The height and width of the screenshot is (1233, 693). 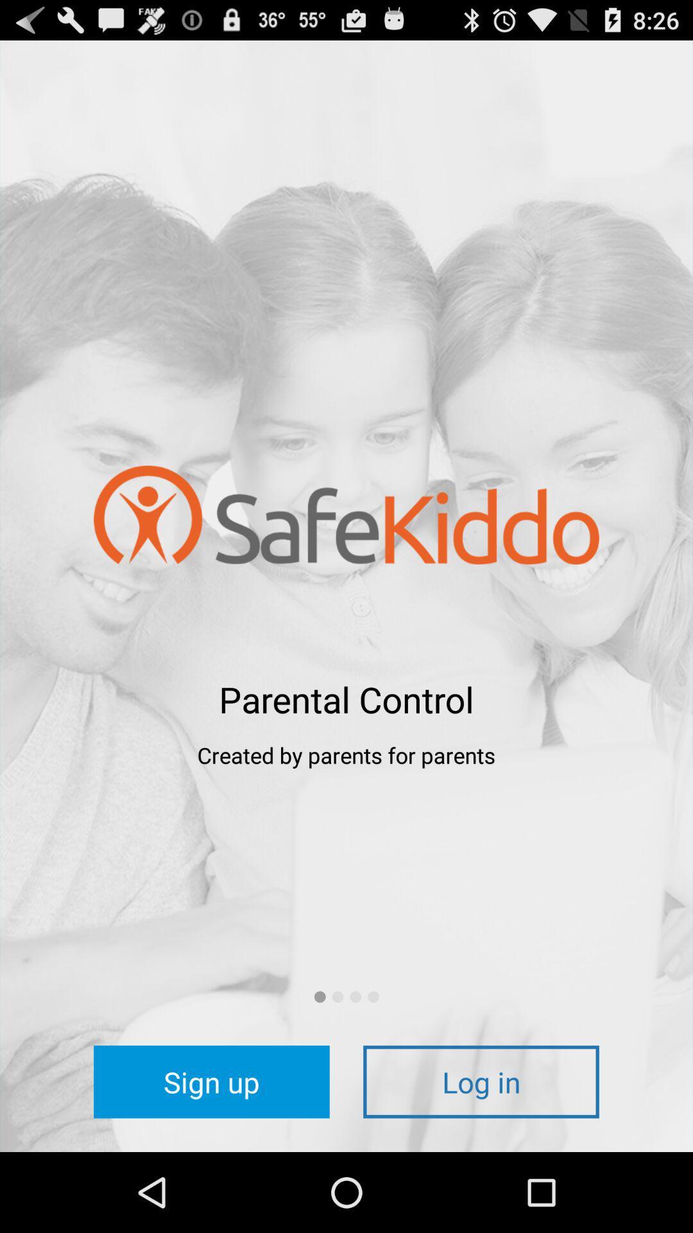 What do you see at coordinates (481, 1081) in the screenshot?
I see `log in` at bounding box center [481, 1081].